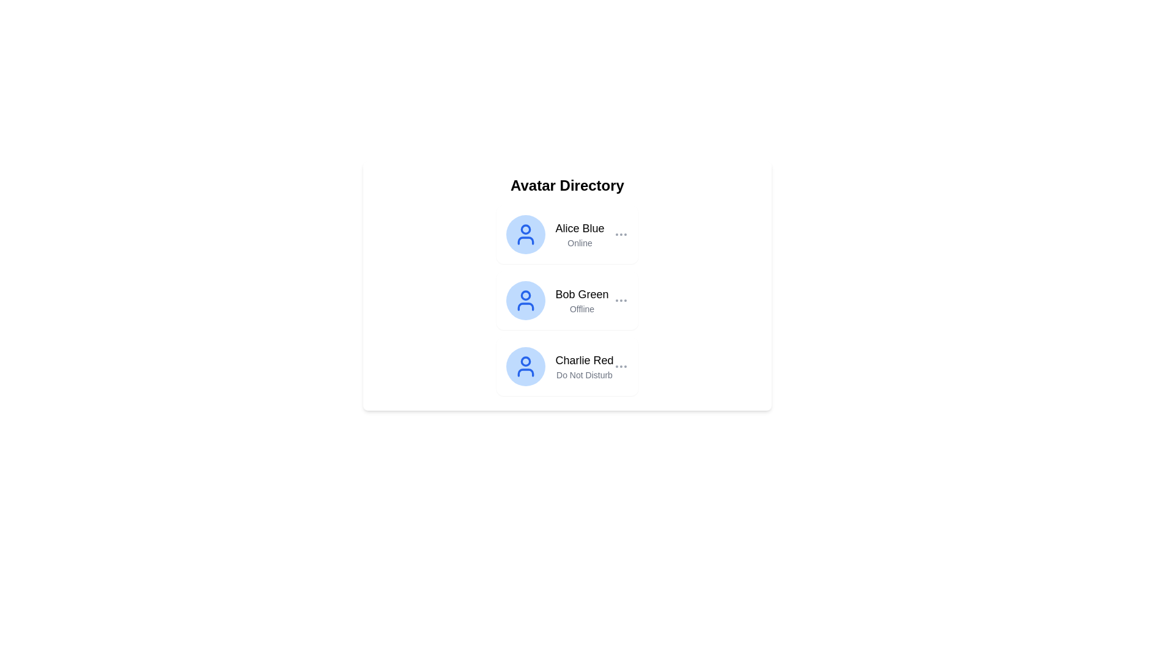  I want to click on status text label indicating that 'Bob Green' is currently offline, located below the name 'Bob Green' in the Avatar Directory interface, so click(581, 308).